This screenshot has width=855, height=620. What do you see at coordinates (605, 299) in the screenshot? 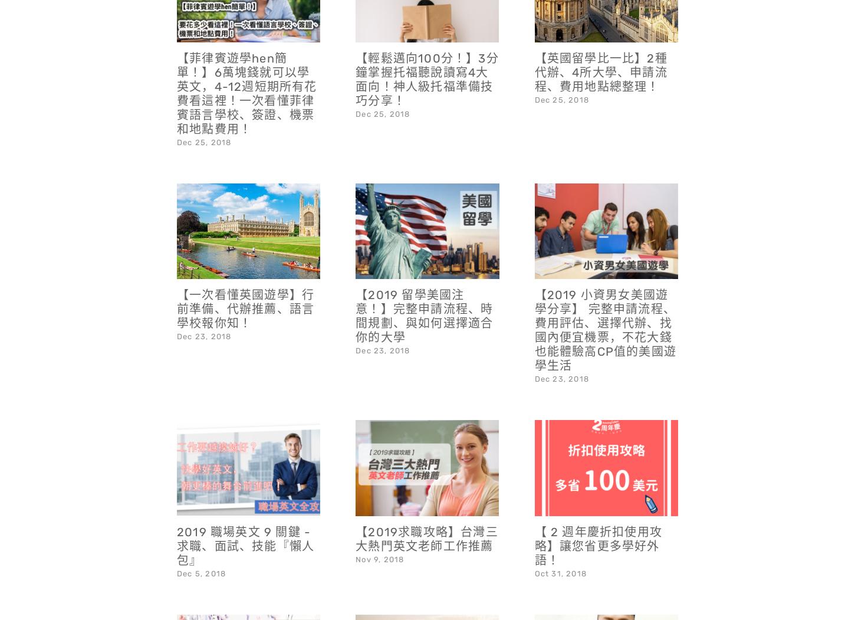
I see `'【2019 小資男女美國遊學分享】 完整申請流程、費用評估、選擇代辦、找國內便宜機票，不花大錢也能體驗高CP值的美國遊學生活'` at bounding box center [605, 299].